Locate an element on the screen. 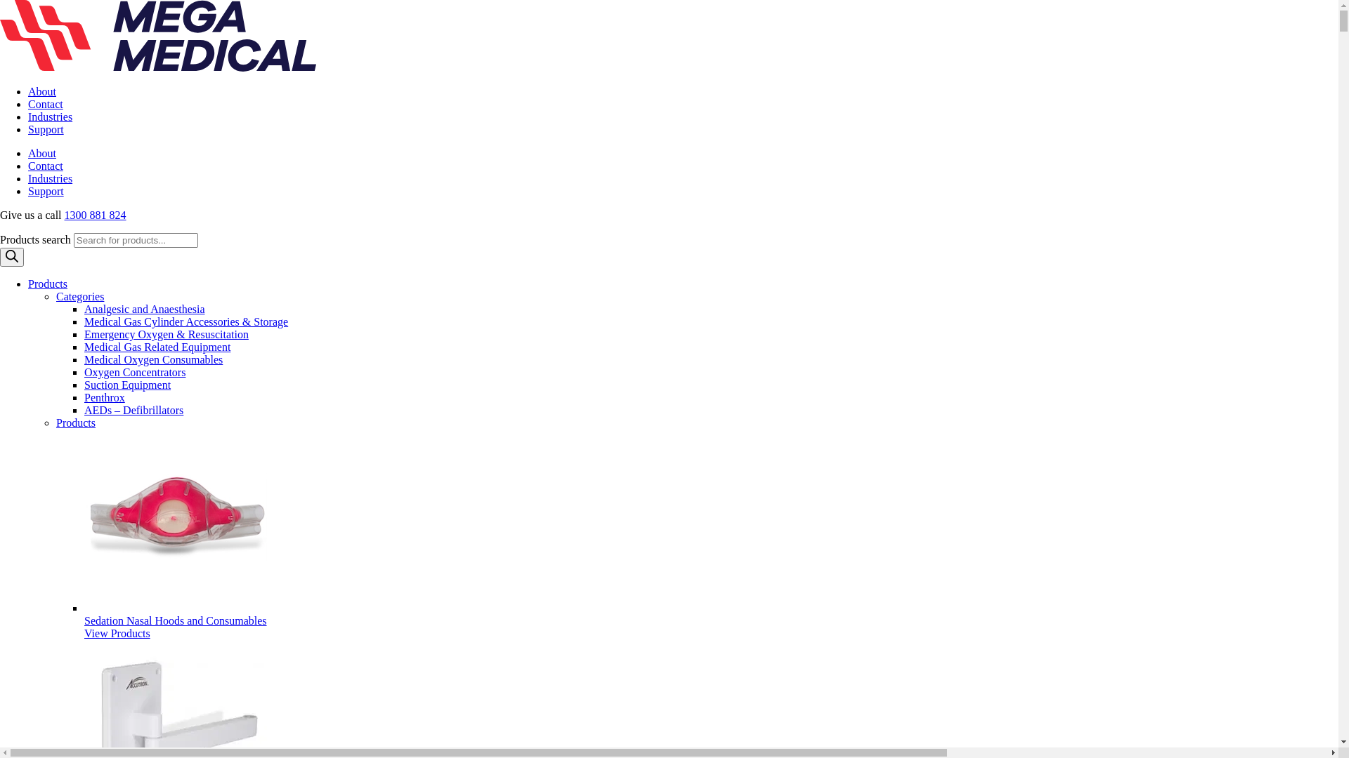 The width and height of the screenshot is (1349, 758). 'Medical Gas Related Equipment' is located at coordinates (84, 347).